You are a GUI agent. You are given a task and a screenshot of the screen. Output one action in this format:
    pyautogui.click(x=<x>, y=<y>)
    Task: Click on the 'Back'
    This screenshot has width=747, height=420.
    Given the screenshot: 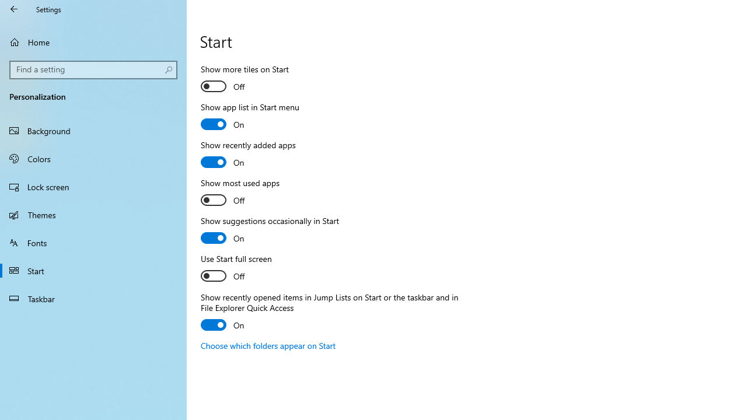 What is the action you would take?
    pyautogui.click(x=14, y=9)
    